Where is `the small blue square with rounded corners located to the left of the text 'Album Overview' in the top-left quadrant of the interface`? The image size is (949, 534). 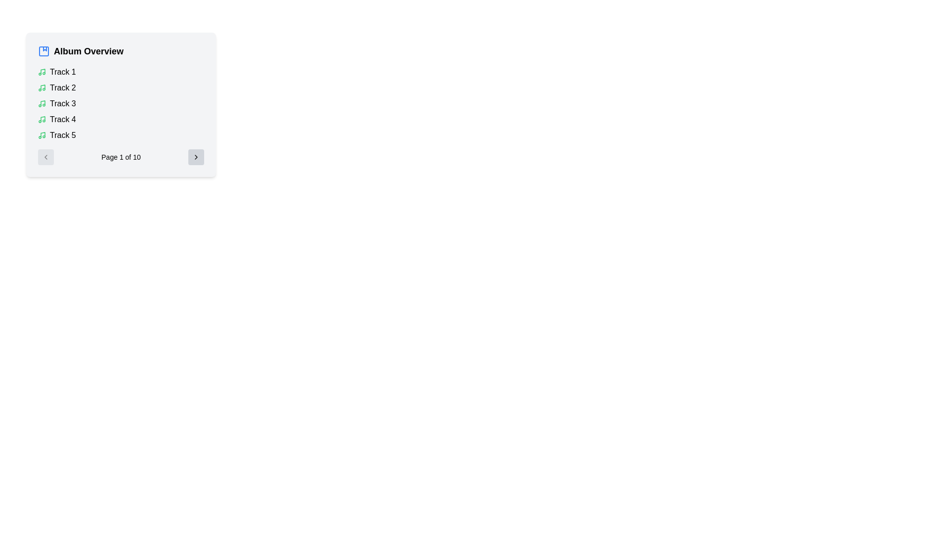 the small blue square with rounded corners located to the left of the text 'Album Overview' in the top-left quadrant of the interface is located at coordinates (43, 51).